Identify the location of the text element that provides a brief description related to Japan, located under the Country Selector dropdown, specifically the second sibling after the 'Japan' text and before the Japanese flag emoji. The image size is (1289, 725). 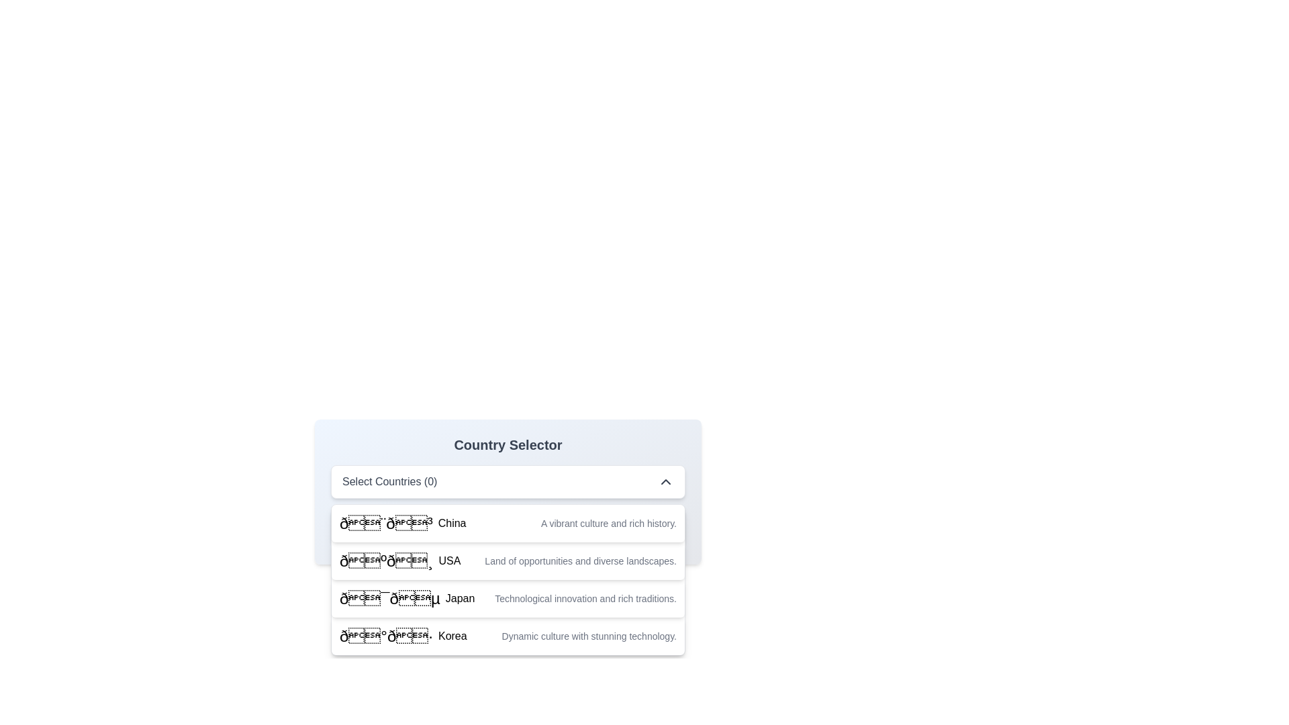
(585, 597).